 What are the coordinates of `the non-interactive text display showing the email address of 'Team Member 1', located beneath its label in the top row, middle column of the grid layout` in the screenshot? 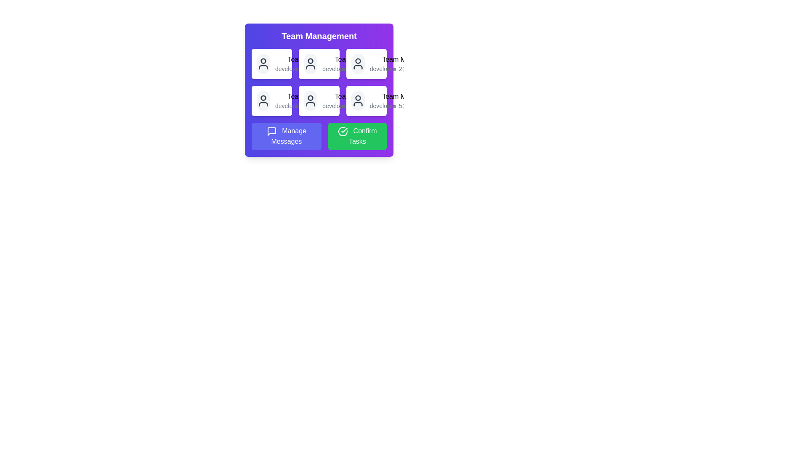 It's located at (311, 69).